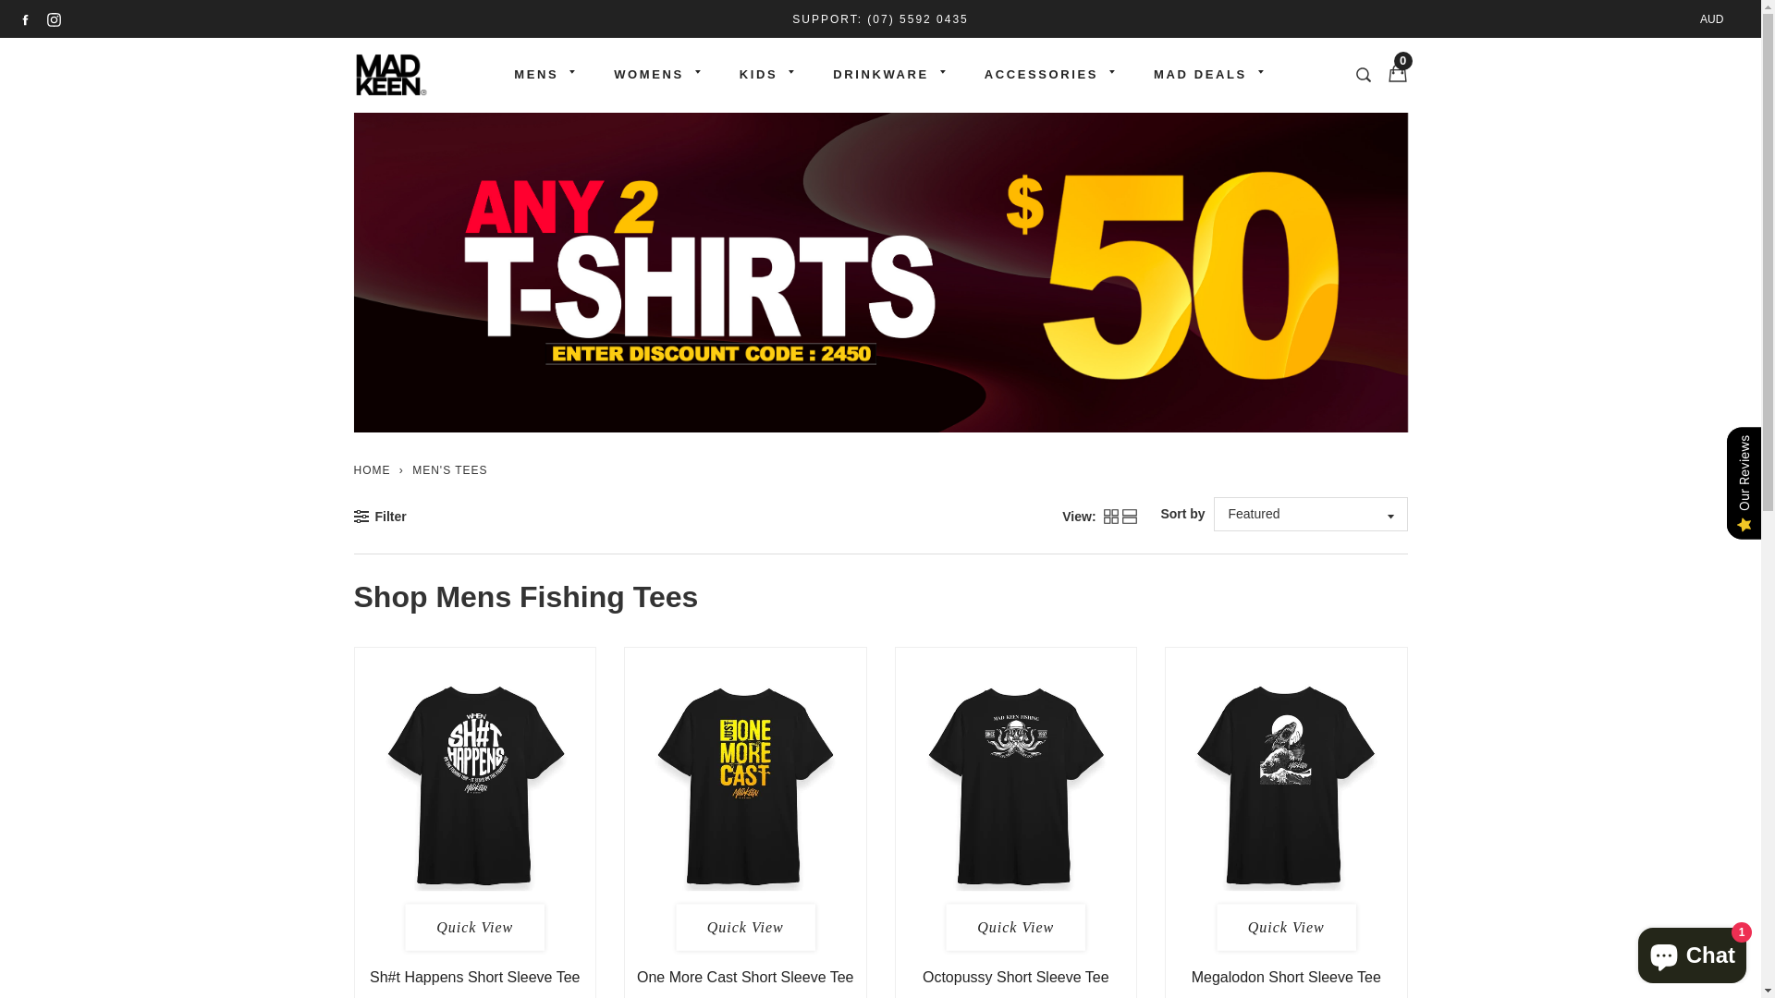 The width and height of the screenshot is (1775, 998). Describe the element at coordinates (758, 74) in the screenshot. I see `'KIDS'` at that location.